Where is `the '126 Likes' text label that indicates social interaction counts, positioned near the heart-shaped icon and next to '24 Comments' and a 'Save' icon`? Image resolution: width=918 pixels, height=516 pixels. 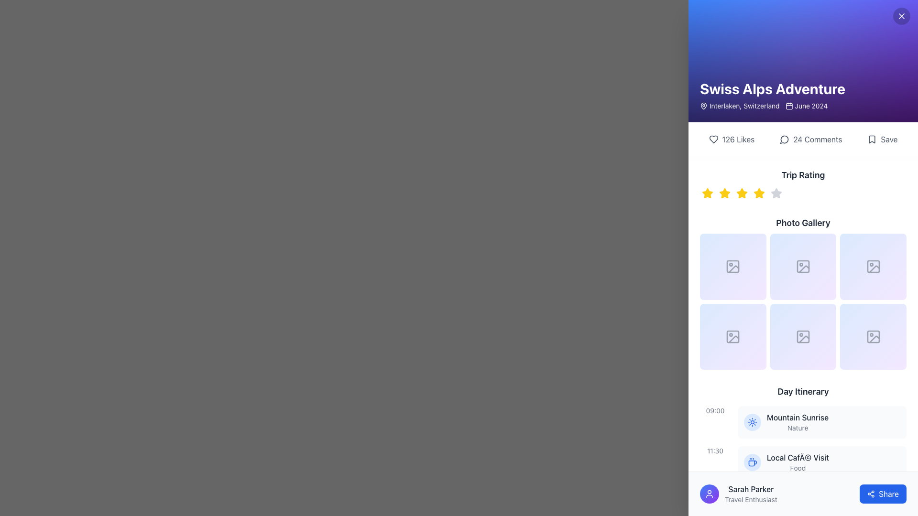
the '126 Likes' text label that indicates social interaction counts, positioned near the heart-shaped icon and next to '24 Comments' and a 'Save' icon is located at coordinates (738, 140).